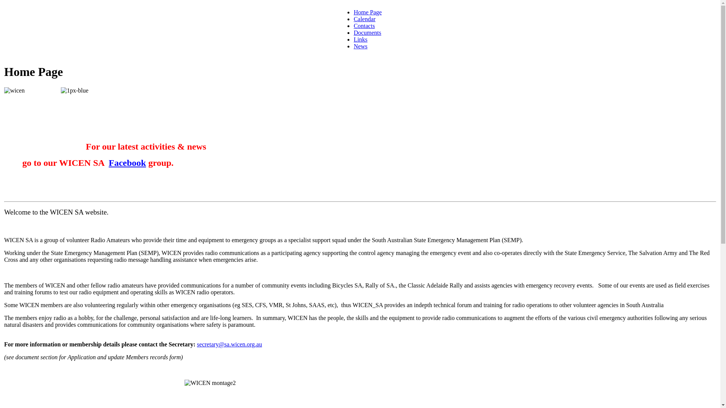 This screenshot has height=408, width=726. What do you see at coordinates (360, 46) in the screenshot?
I see `'News'` at bounding box center [360, 46].